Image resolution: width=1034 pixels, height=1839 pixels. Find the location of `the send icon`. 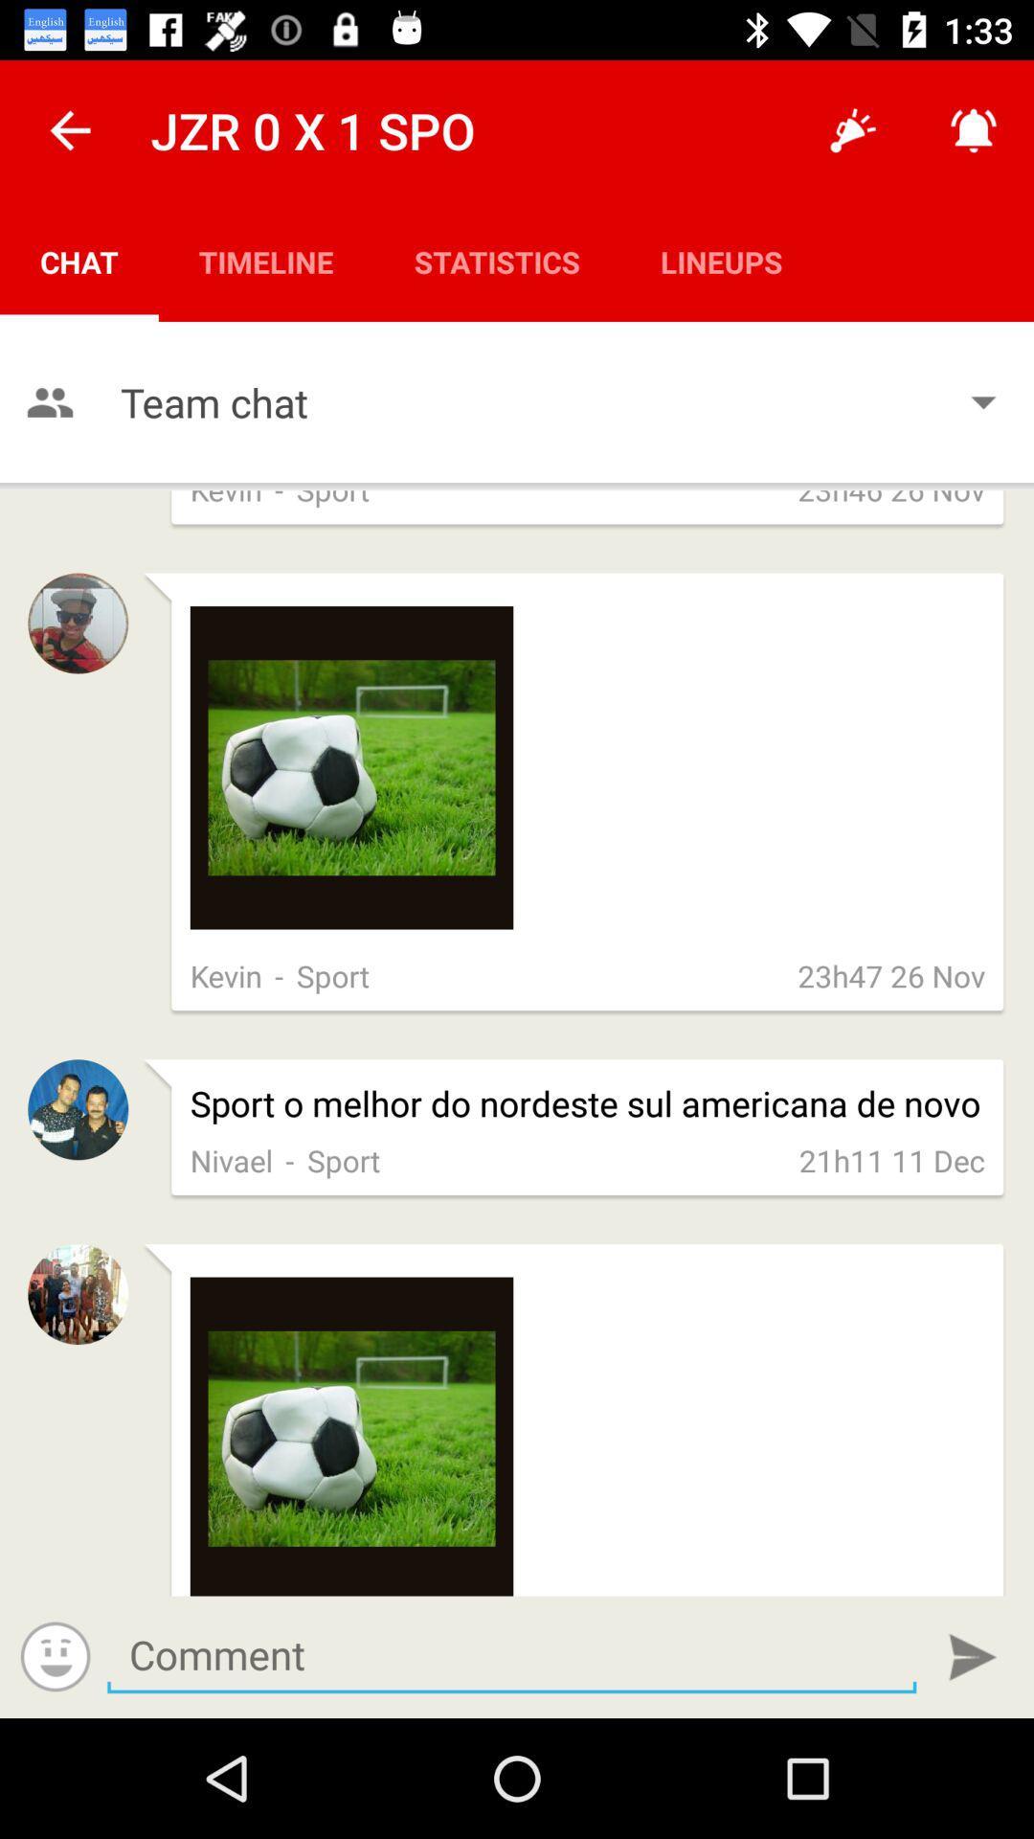

the send icon is located at coordinates (973, 1656).